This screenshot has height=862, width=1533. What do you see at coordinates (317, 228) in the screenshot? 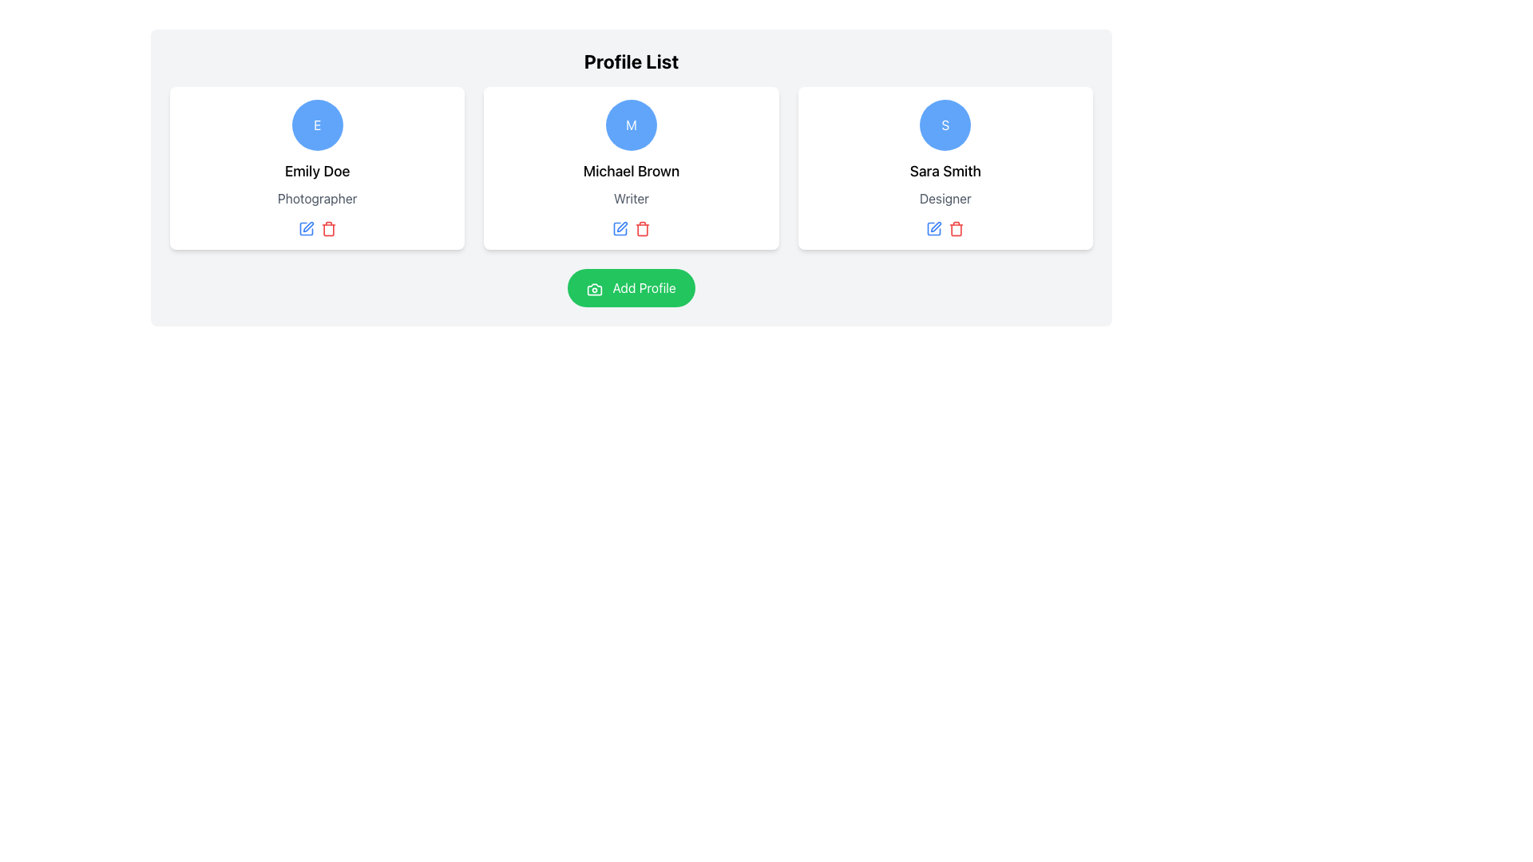
I see `the edit icon located in the Action bar at the bottom of Emily Doe's card, which features a pencil symbol for editing` at bounding box center [317, 228].